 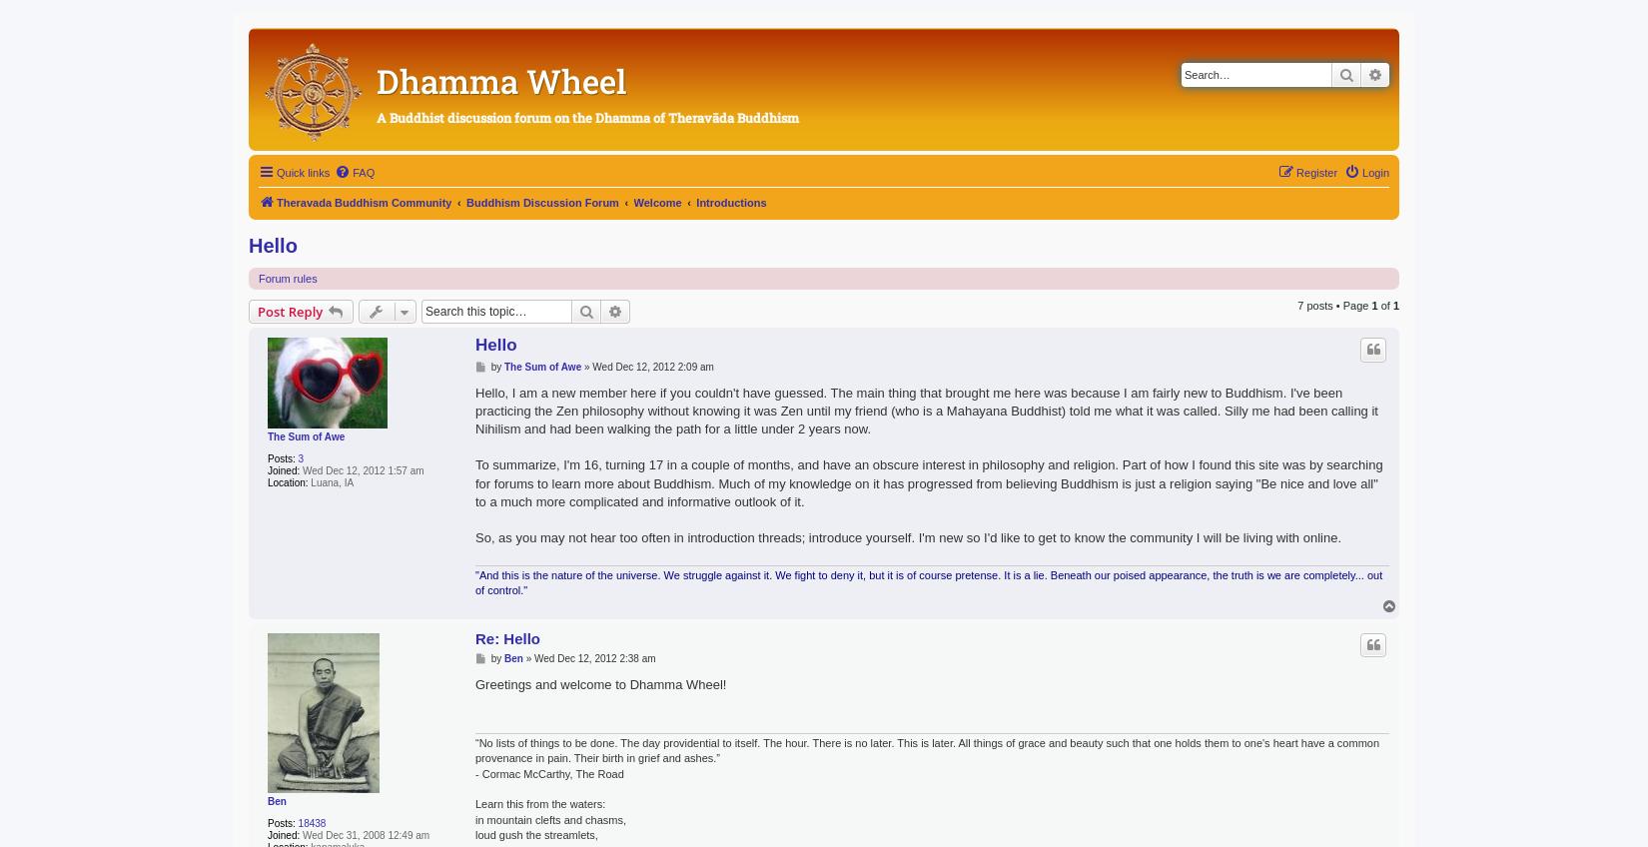 What do you see at coordinates (363, 171) in the screenshot?
I see `'FAQ'` at bounding box center [363, 171].